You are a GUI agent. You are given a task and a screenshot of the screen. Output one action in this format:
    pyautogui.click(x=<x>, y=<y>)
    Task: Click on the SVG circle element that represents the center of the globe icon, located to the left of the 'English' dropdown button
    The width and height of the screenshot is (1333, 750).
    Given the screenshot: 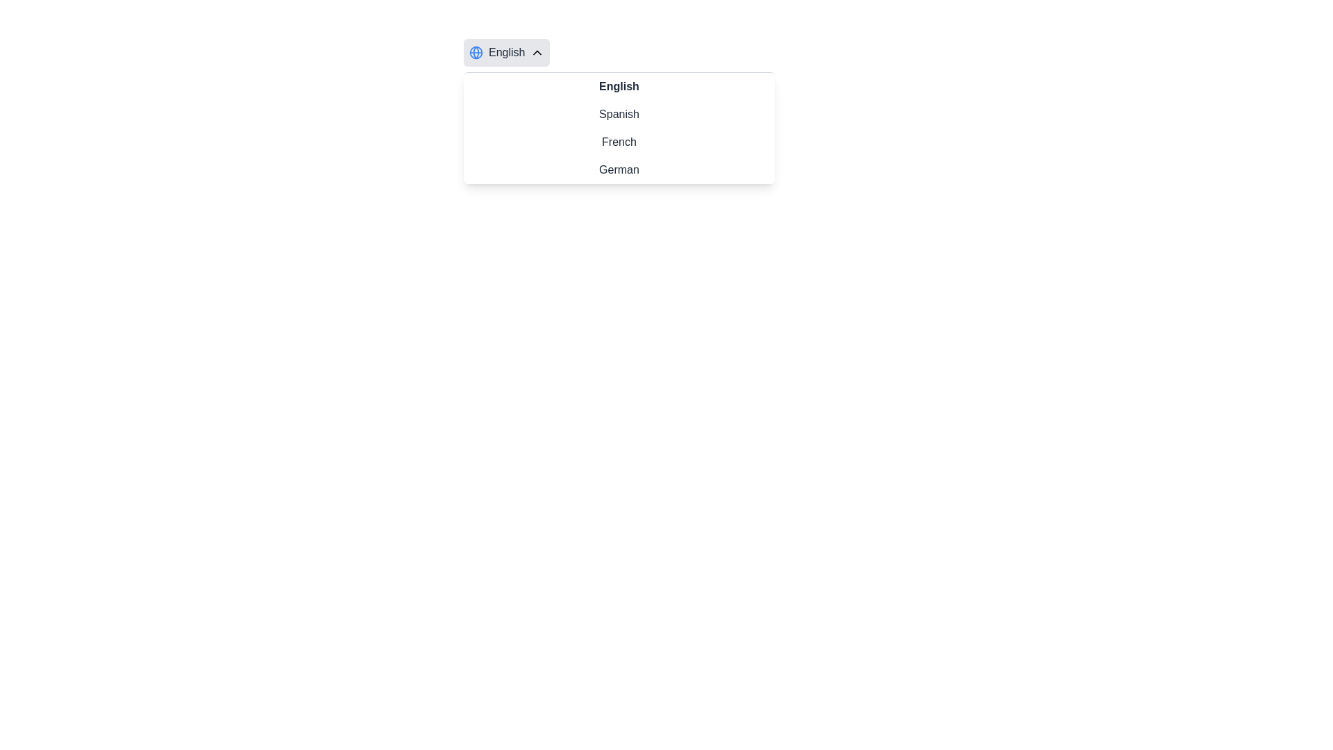 What is the action you would take?
    pyautogui.click(x=476, y=52)
    